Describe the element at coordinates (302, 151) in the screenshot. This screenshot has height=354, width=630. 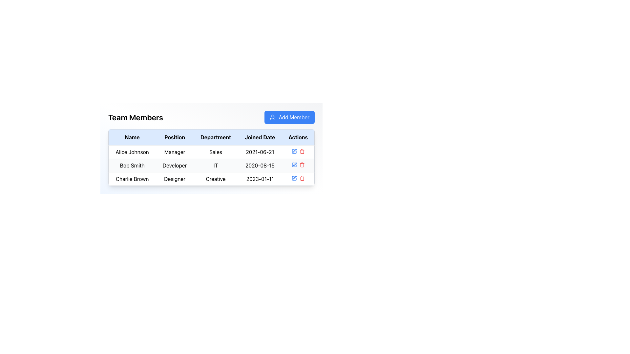
I see `the delete button located in the 'Actions' column, which is the rightmost icon in the row for 'Alice Johnson, Manager, Sales, 2021-06-21'` at that location.